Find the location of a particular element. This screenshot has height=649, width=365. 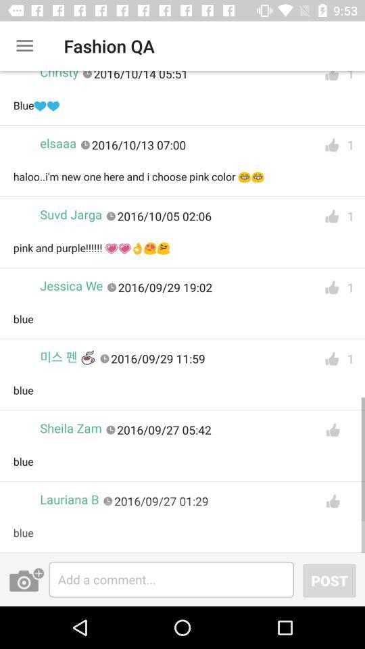

thumbs up button that you liked the content of message is located at coordinates (331, 358).